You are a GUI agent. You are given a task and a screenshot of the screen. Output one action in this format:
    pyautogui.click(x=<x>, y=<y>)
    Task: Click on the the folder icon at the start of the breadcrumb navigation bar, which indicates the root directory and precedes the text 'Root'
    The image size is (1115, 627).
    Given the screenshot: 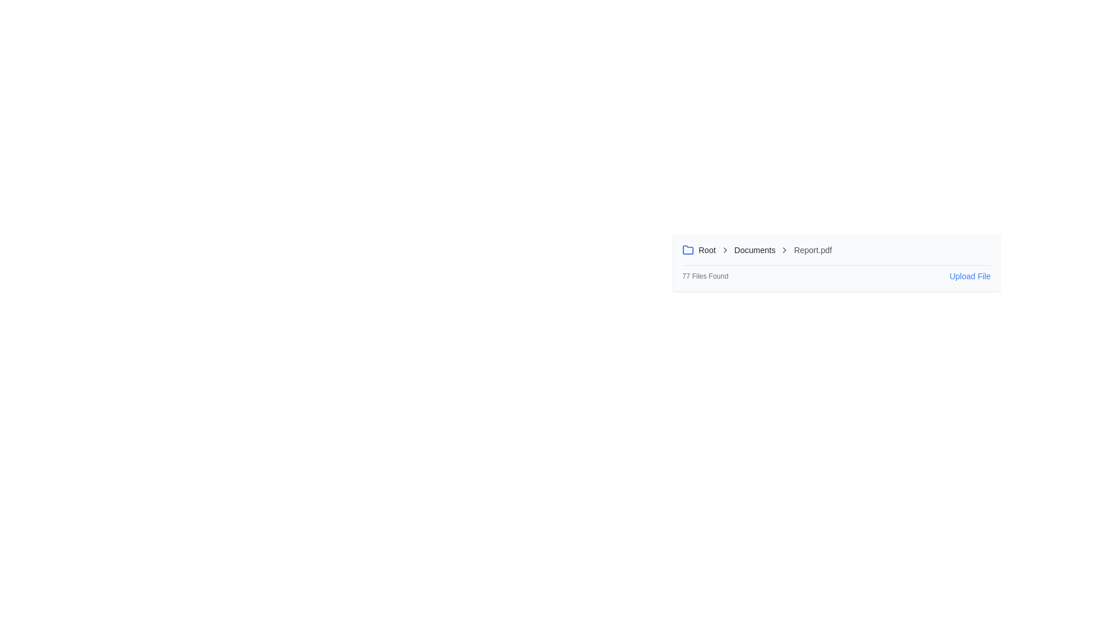 What is the action you would take?
    pyautogui.click(x=688, y=250)
    